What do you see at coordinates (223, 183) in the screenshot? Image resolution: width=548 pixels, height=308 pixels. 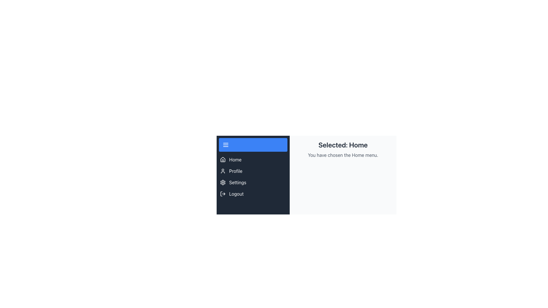 I see `the 'Settings' icon in the vertical navigation menu` at bounding box center [223, 183].